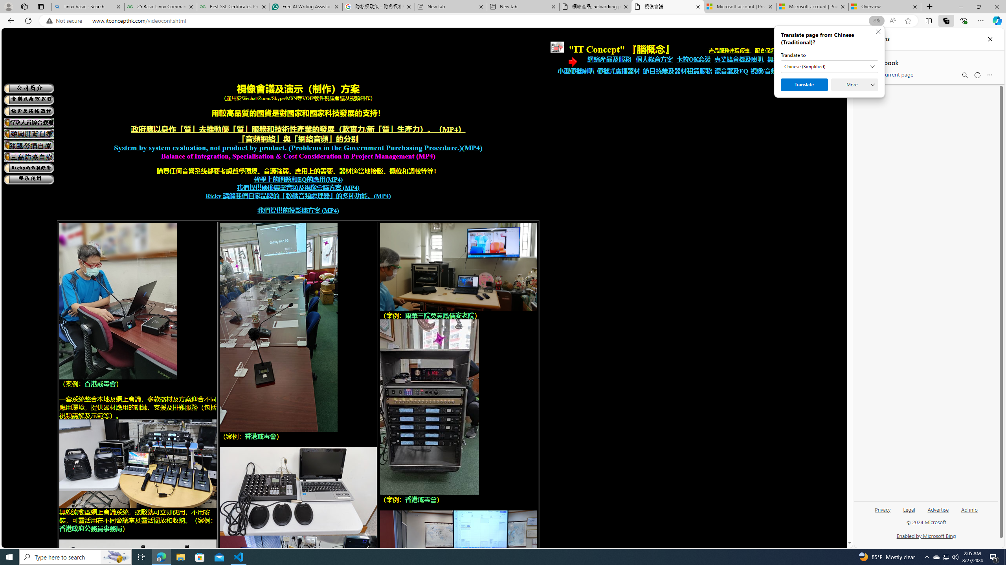 The width and height of the screenshot is (1006, 565). I want to click on 'Best SSL Certificates Provider in India - GeeksforGeeks', so click(233, 6).